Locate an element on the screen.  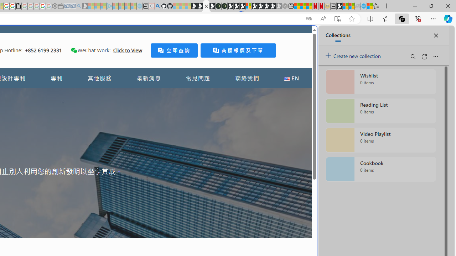
'Show translate options' is located at coordinates (309, 18).